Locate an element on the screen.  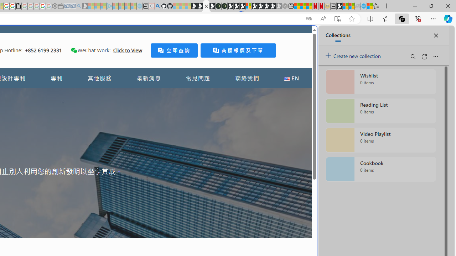
'Show translate options' is located at coordinates (309, 18).